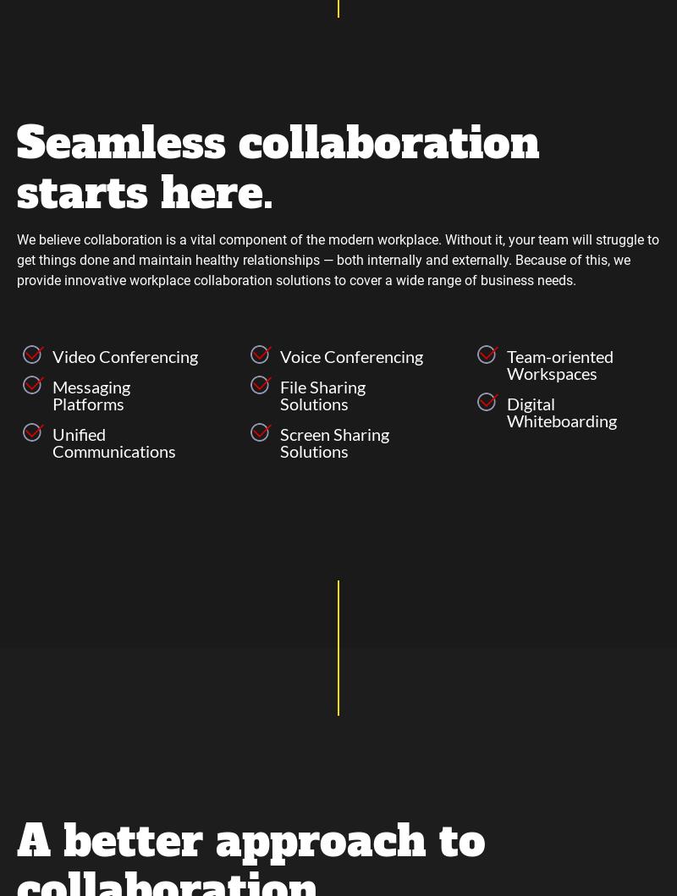  What do you see at coordinates (350, 354) in the screenshot?
I see `'Voice Conferencing'` at bounding box center [350, 354].